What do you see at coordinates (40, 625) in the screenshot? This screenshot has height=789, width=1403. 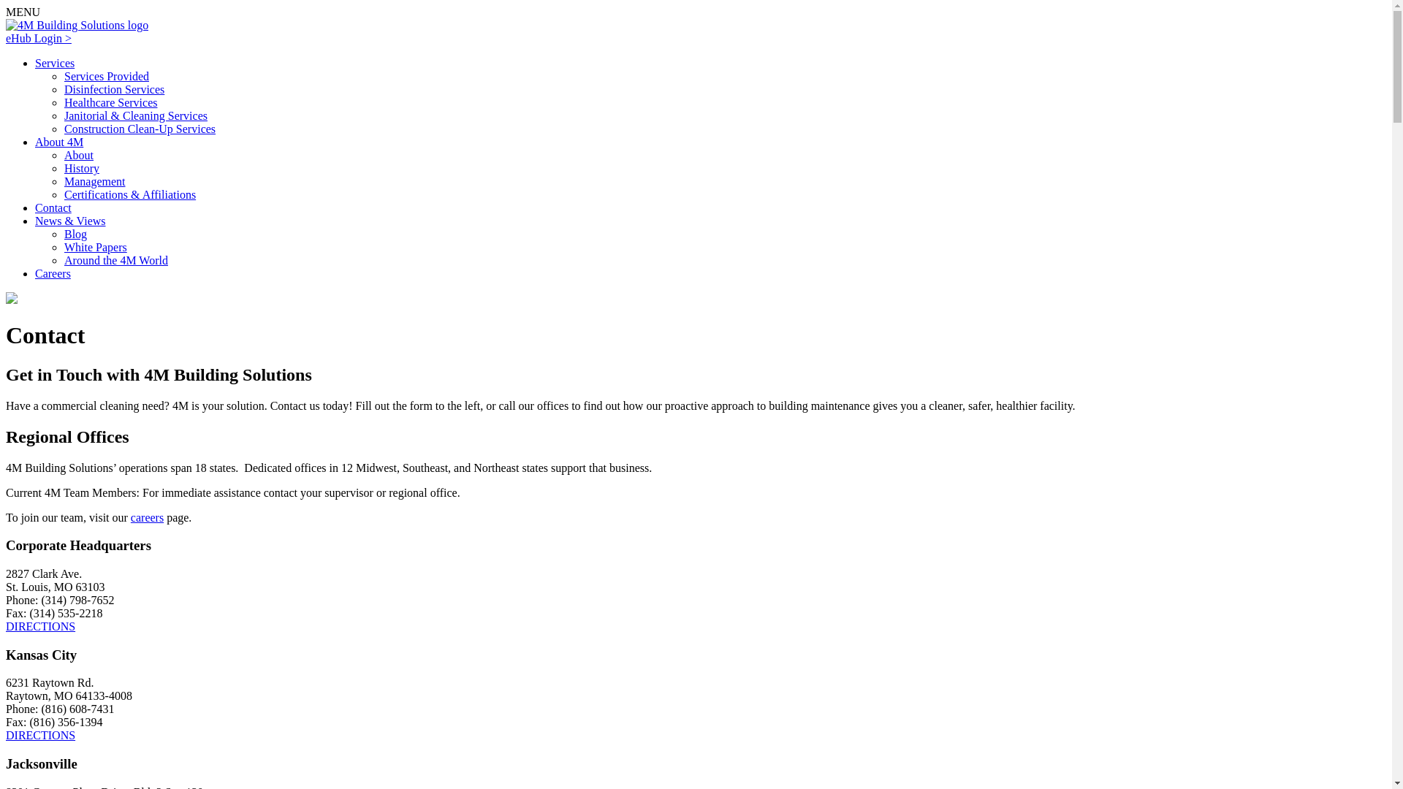 I see `'DIRECTIONS'` at bounding box center [40, 625].